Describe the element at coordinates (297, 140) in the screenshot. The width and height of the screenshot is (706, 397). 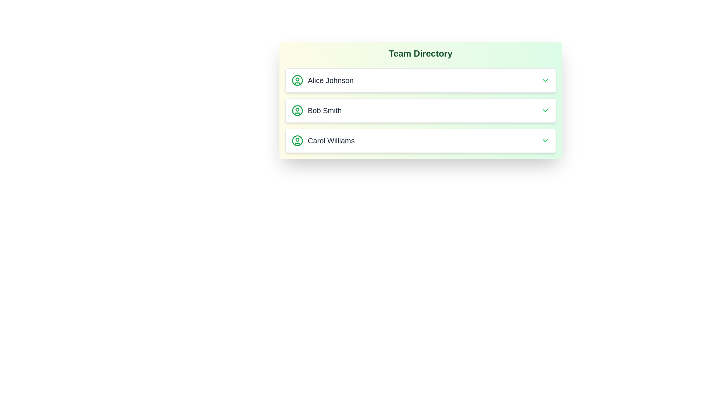
I see `the user icon for Carol Williams` at that location.